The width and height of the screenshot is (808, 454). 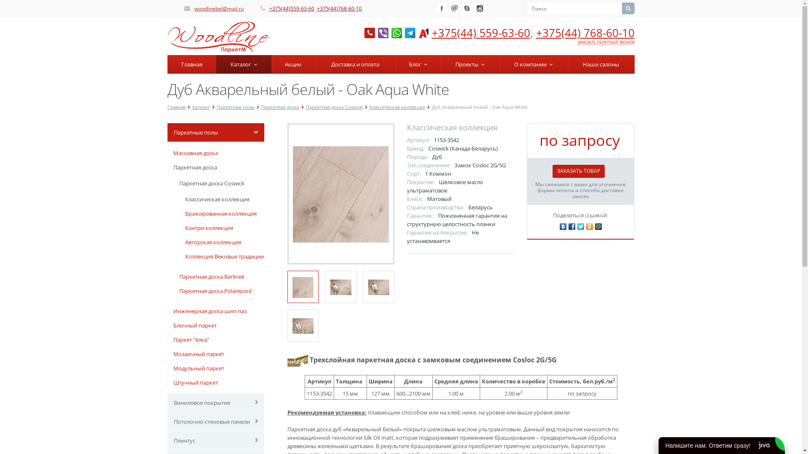 What do you see at coordinates (441, 8) in the screenshot?
I see `'Facebook'` at bounding box center [441, 8].